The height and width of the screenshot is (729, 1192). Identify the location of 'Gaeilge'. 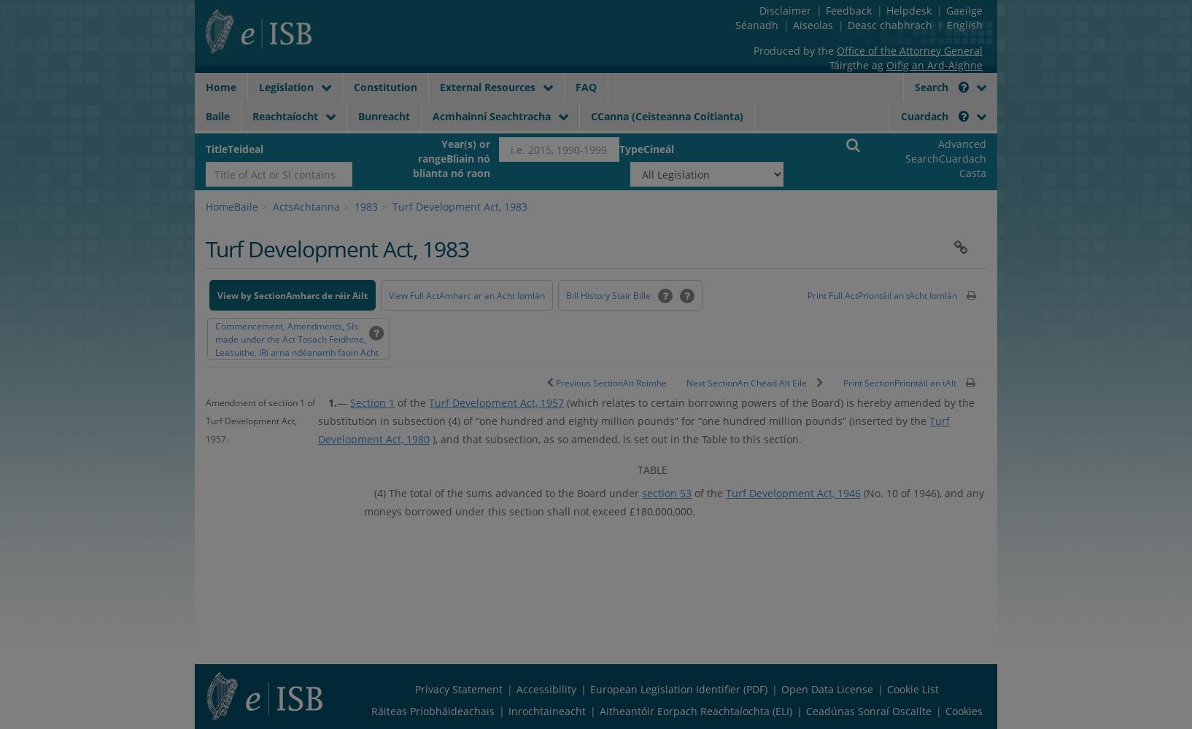
(962, 10).